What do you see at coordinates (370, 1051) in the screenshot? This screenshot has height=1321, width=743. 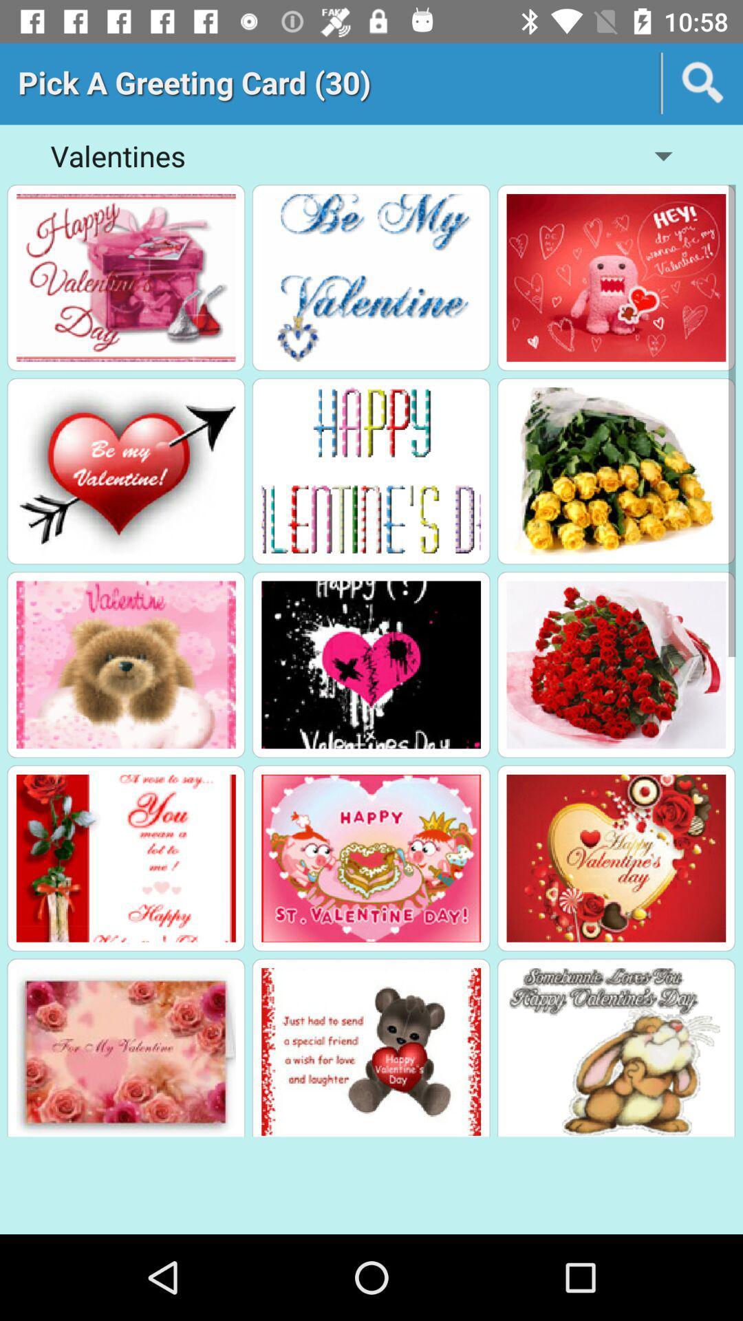 I see `teddy bear` at bounding box center [370, 1051].